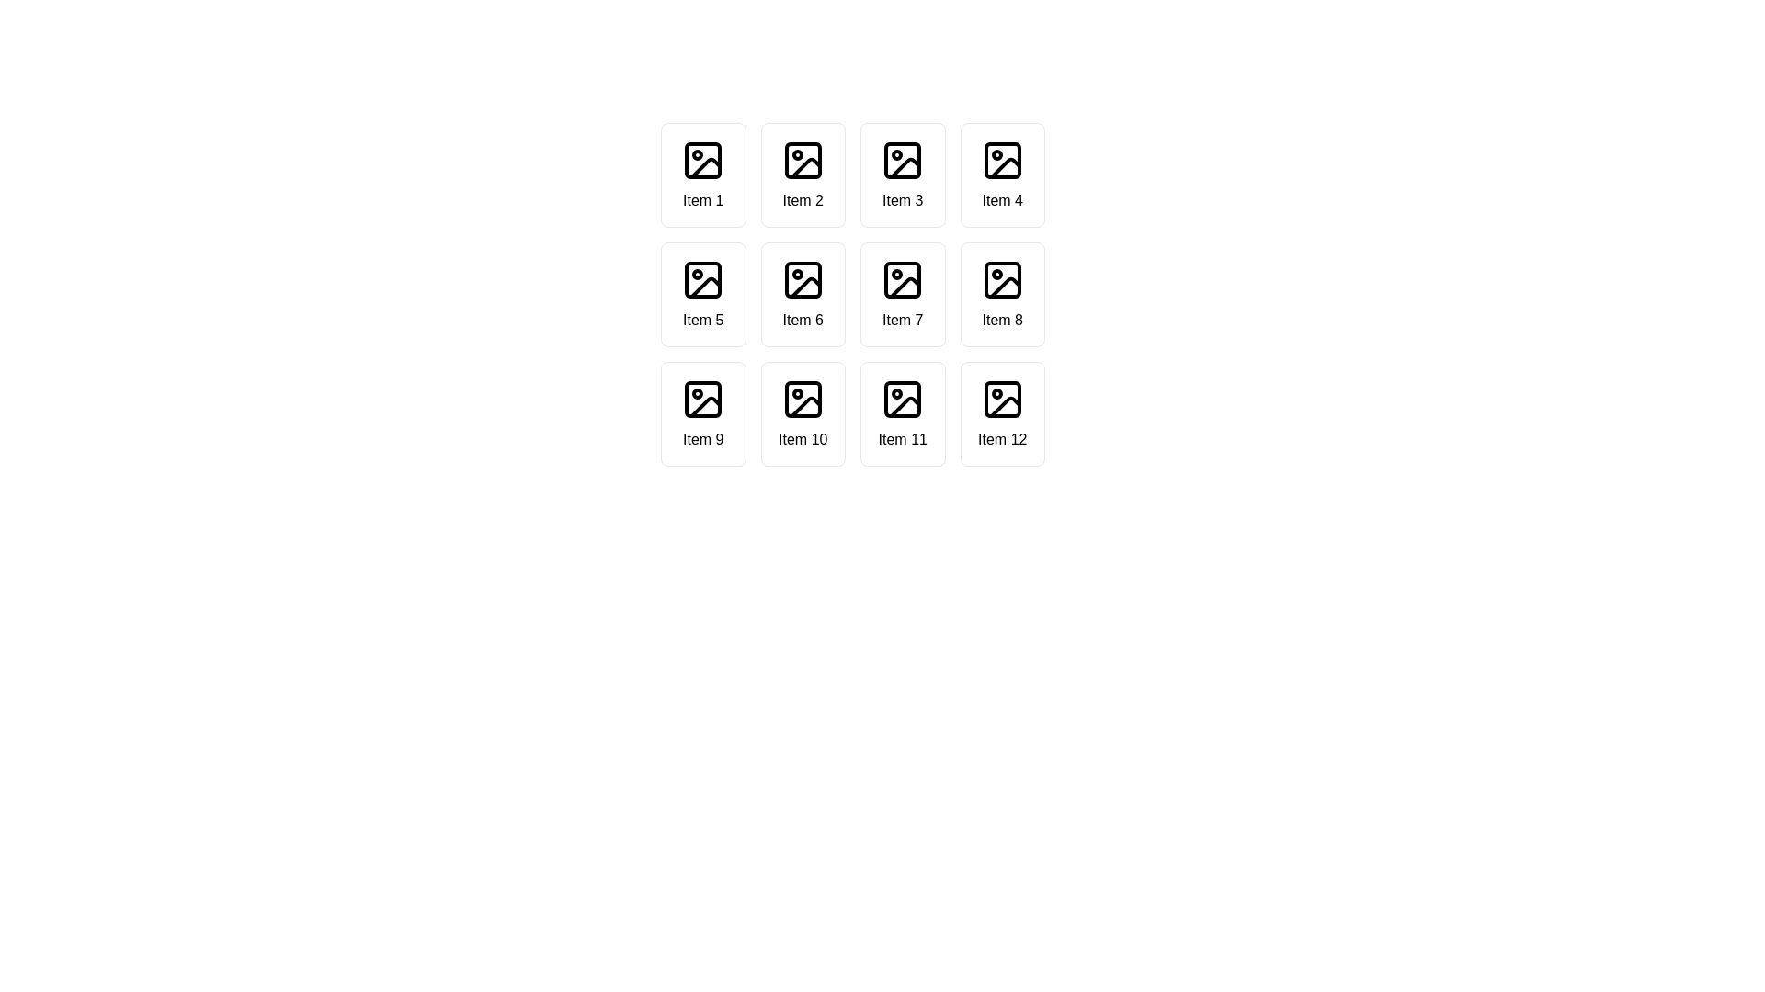 This screenshot has width=1765, height=992. What do you see at coordinates (1001, 279) in the screenshot?
I see `the image placeholder located in the grid cell labeled 'Item 8', which is in the second row, fourth column` at bounding box center [1001, 279].